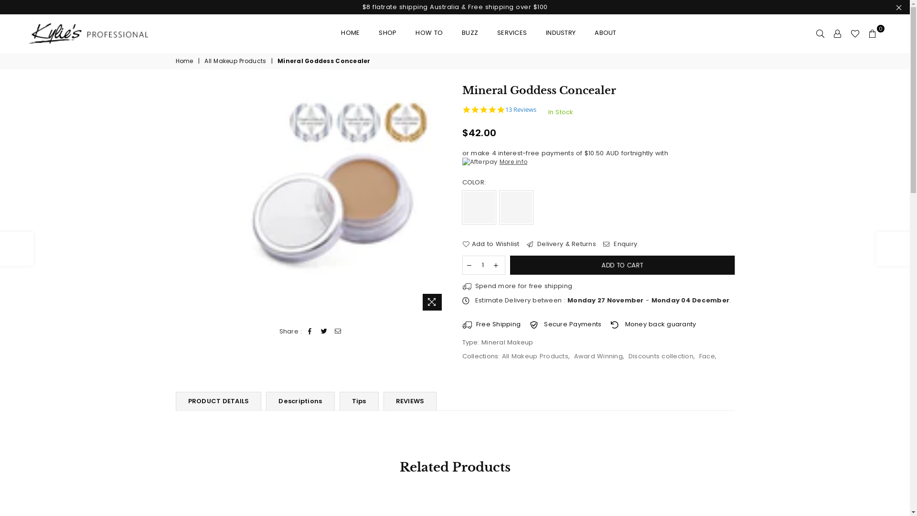  I want to click on '5.0 star rating, so click(462, 109).